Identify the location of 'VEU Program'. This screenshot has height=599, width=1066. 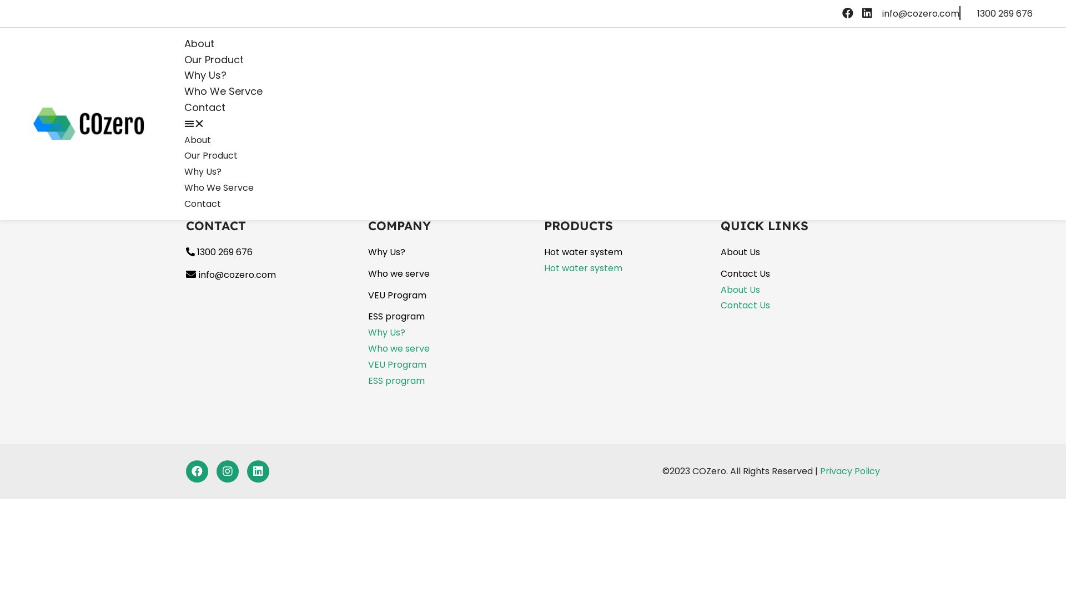
(396, 295).